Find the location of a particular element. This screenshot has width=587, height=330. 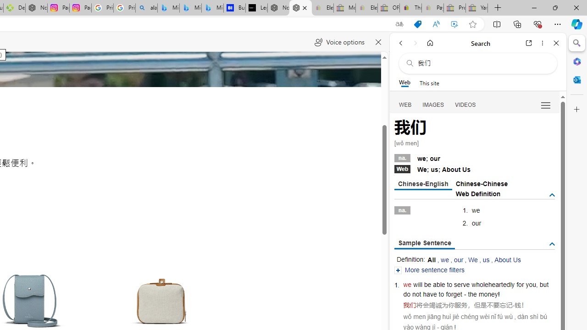

'wholeheartedly' is located at coordinates (493, 284).